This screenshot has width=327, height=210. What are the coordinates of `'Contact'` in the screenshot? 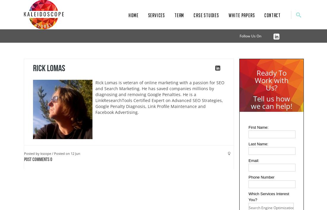 It's located at (272, 15).